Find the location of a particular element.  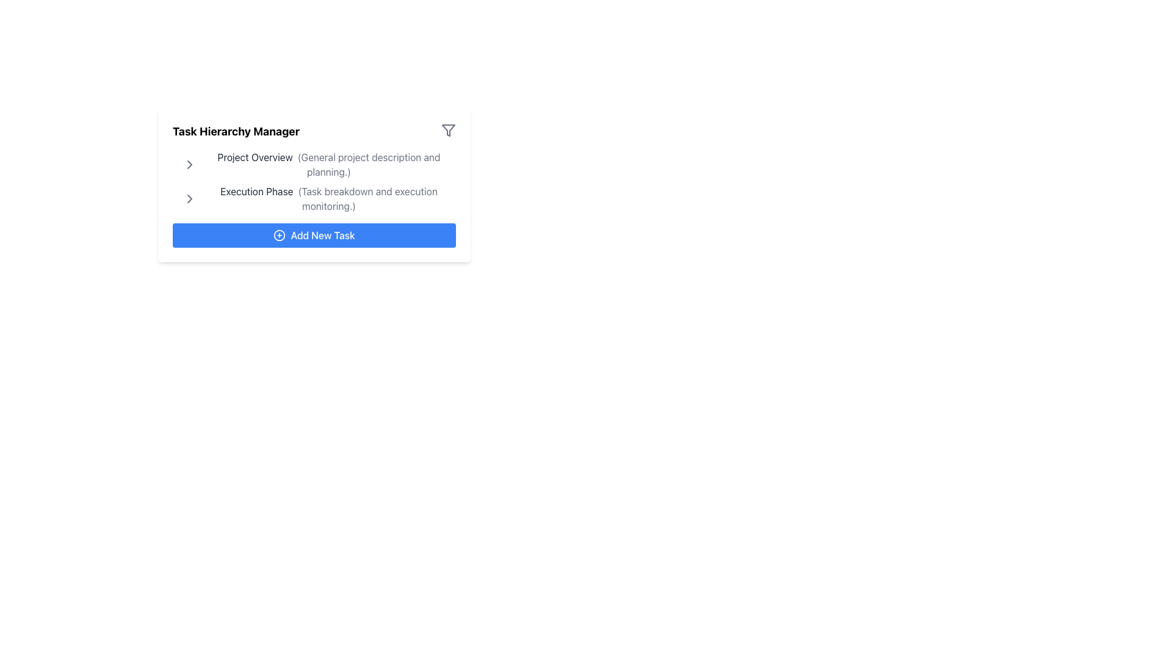

the chevron-right icon located to the left of the 'Execution Phase' link is located at coordinates (189, 198).